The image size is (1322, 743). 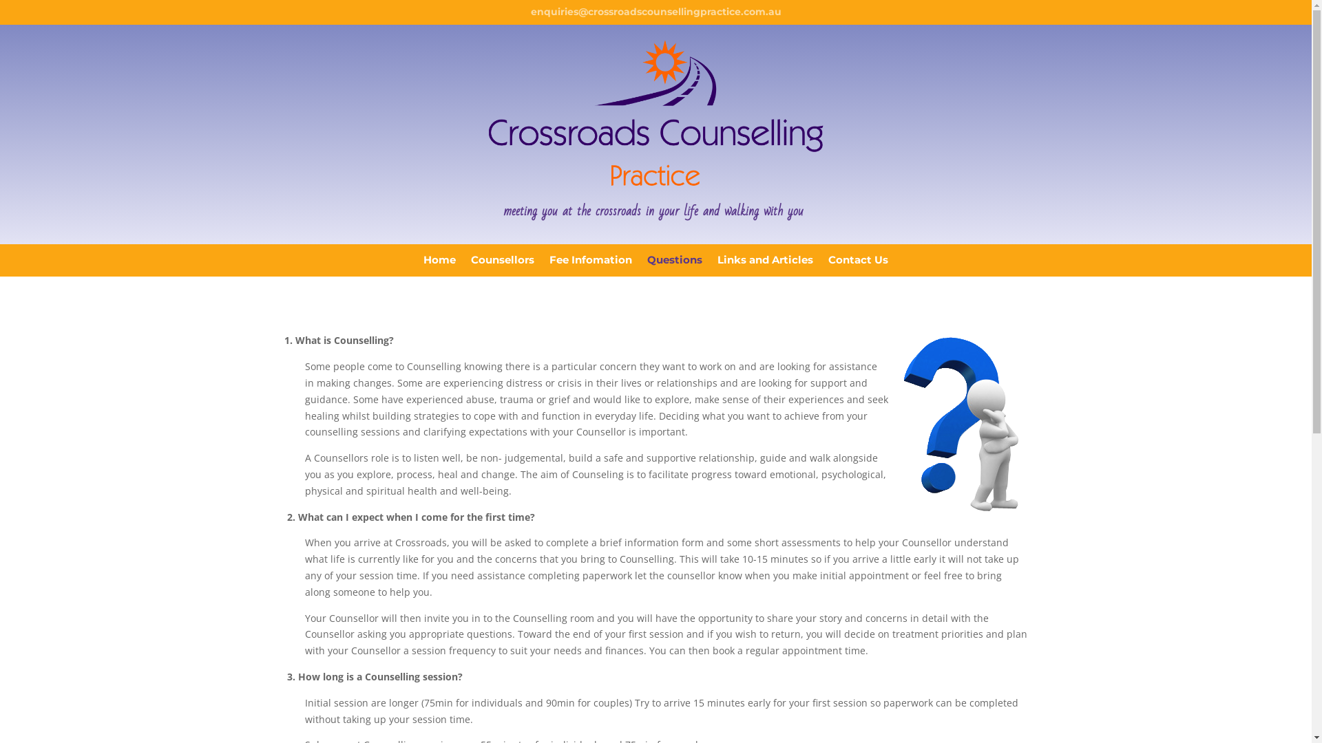 What do you see at coordinates (654, 11) in the screenshot?
I see `'enquiries@crossroadscounsellingpractice.com.au'` at bounding box center [654, 11].